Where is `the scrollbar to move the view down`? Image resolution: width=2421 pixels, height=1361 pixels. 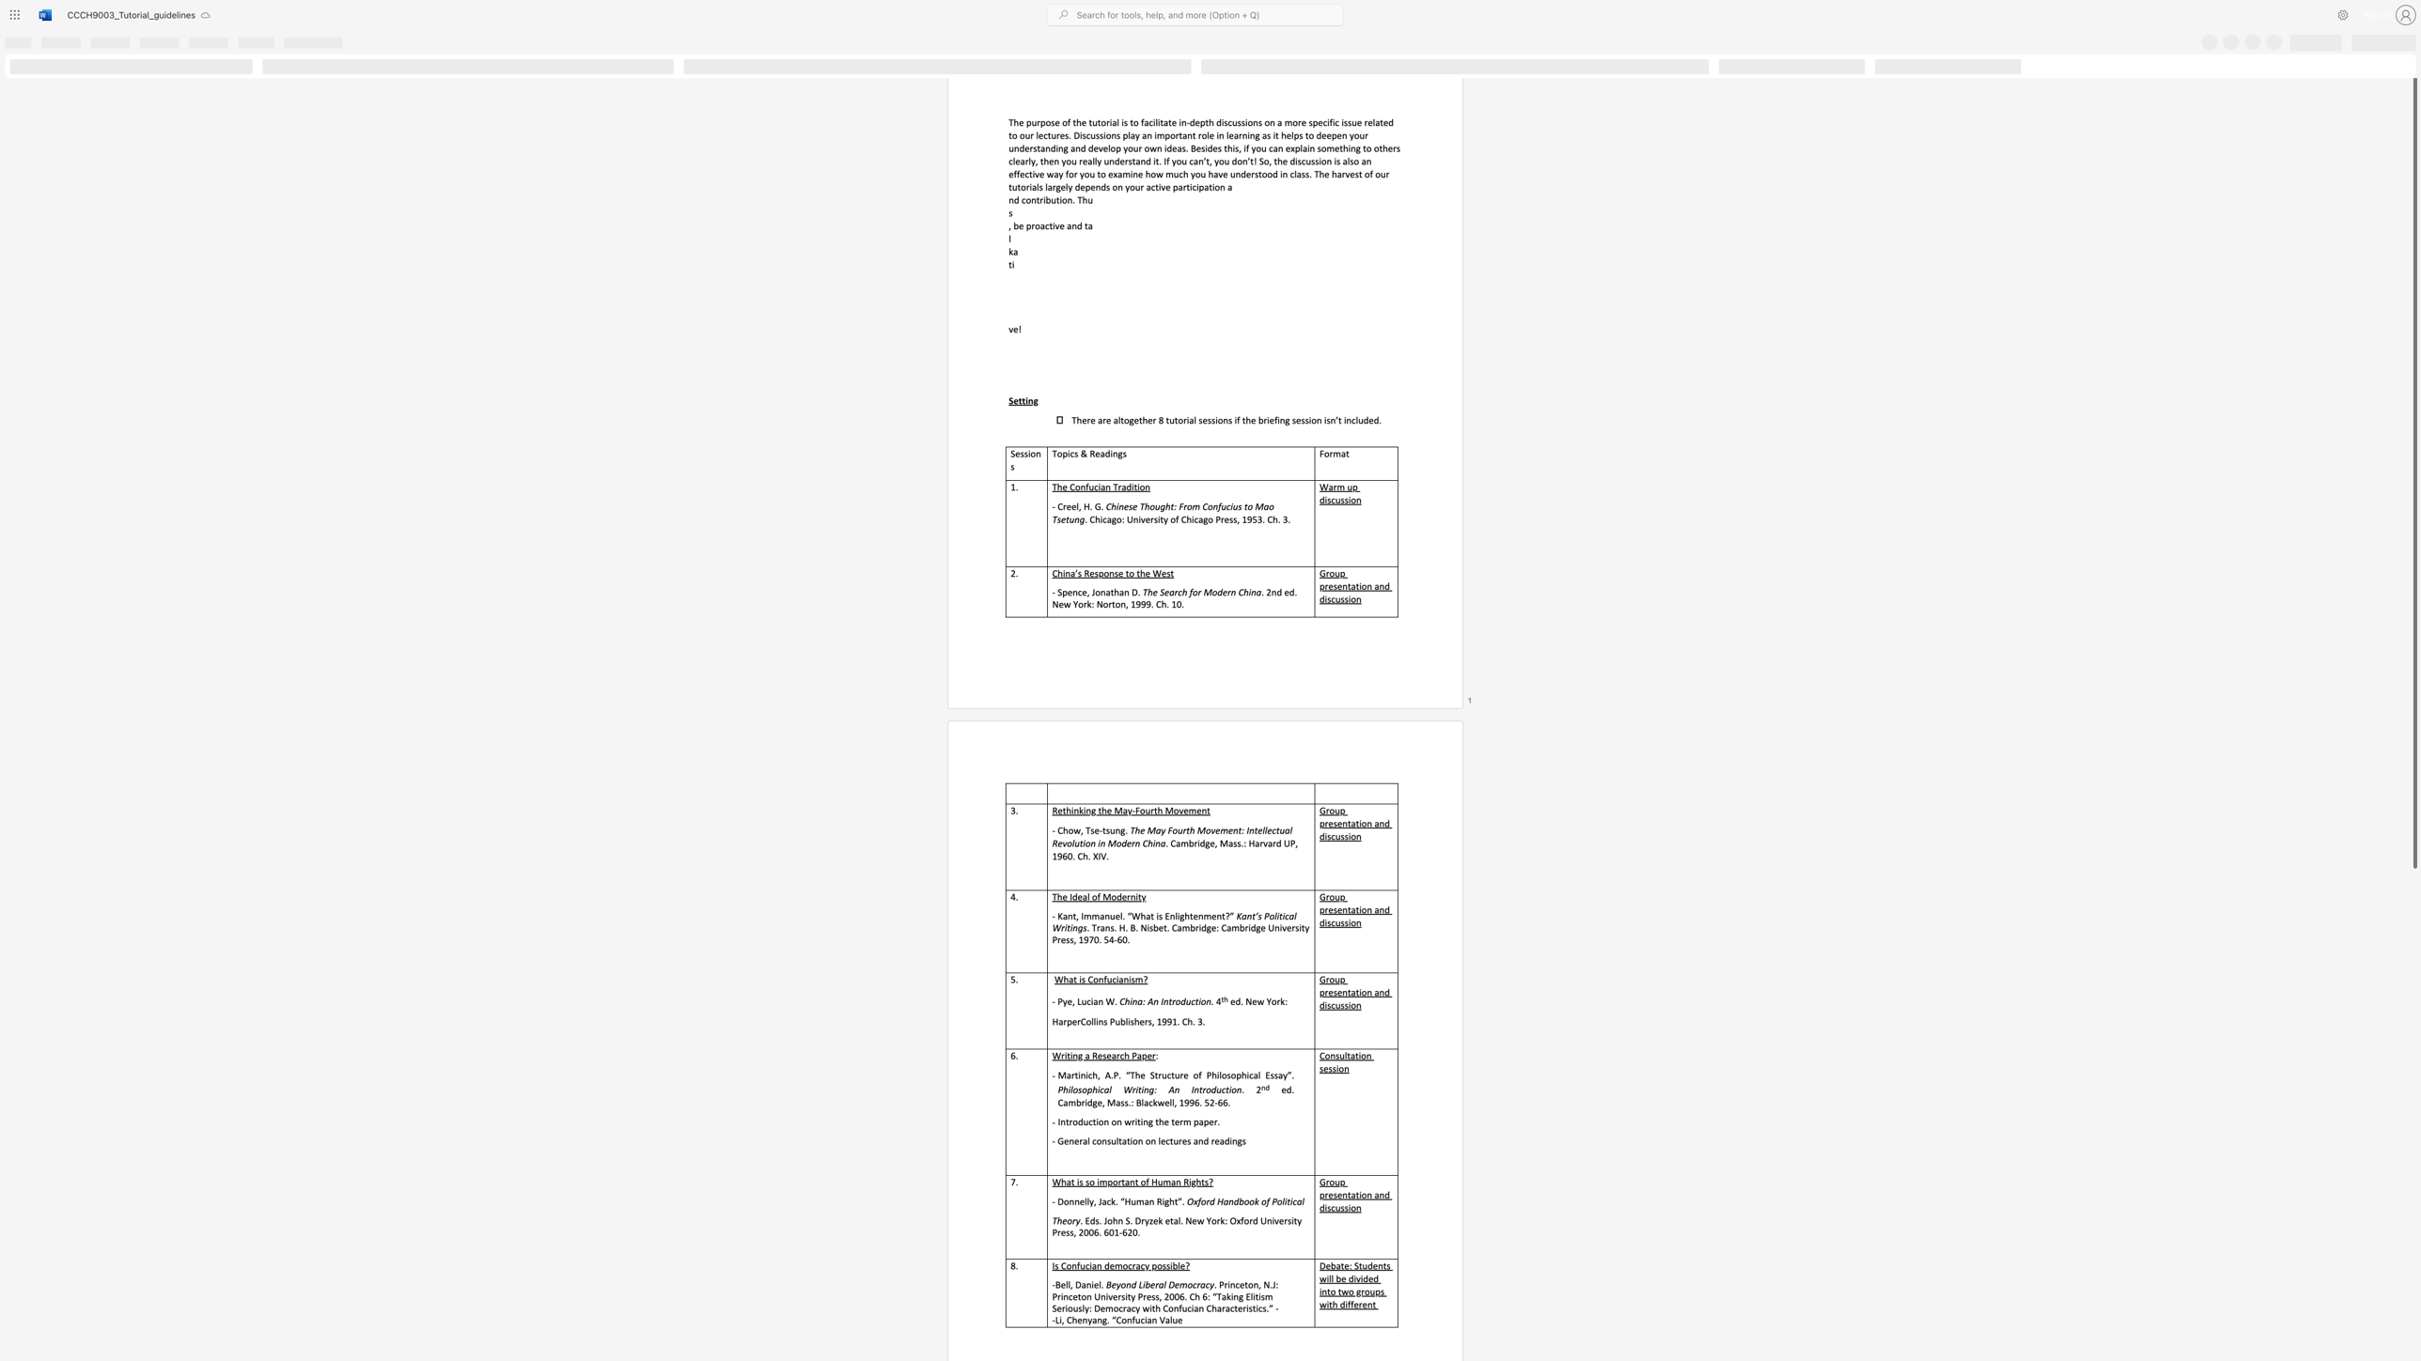
the scrollbar to move the view down is located at coordinates (2413, 1146).